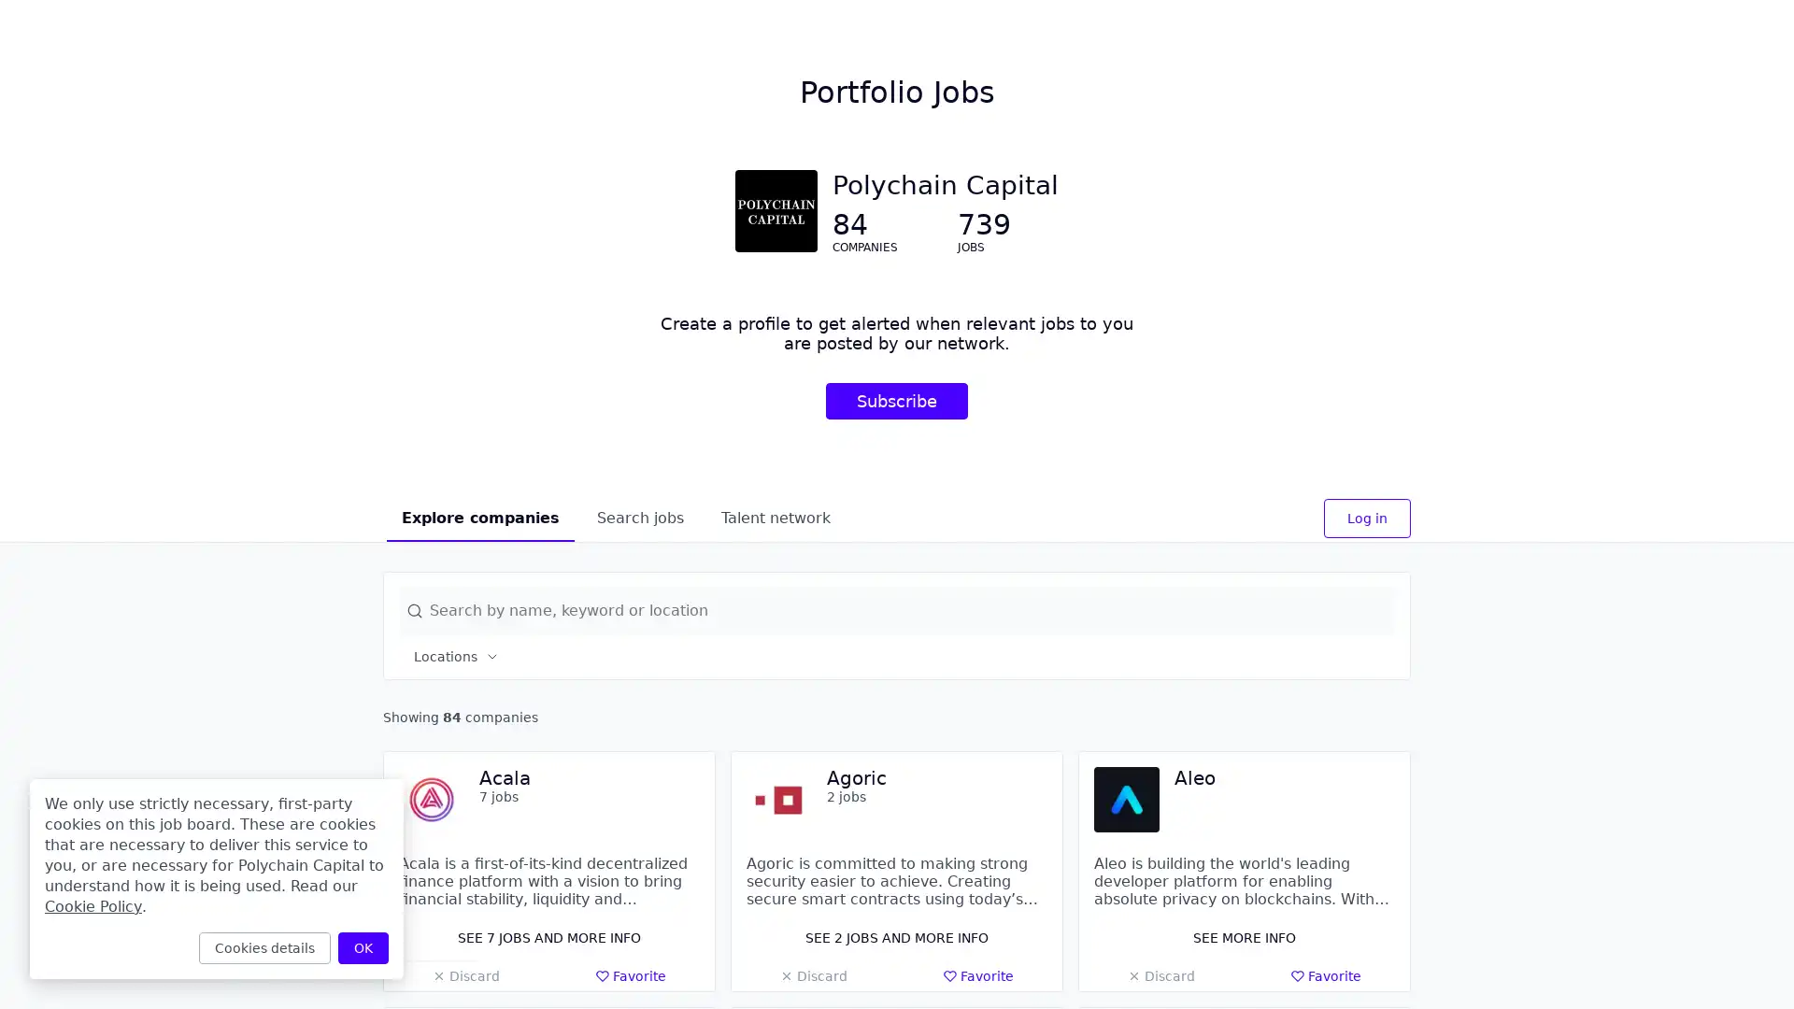 The width and height of the screenshot is (1794, 1009). Describe the element at coordinates (263, 947) in the screenshot. I see `Cookies details` at that location.